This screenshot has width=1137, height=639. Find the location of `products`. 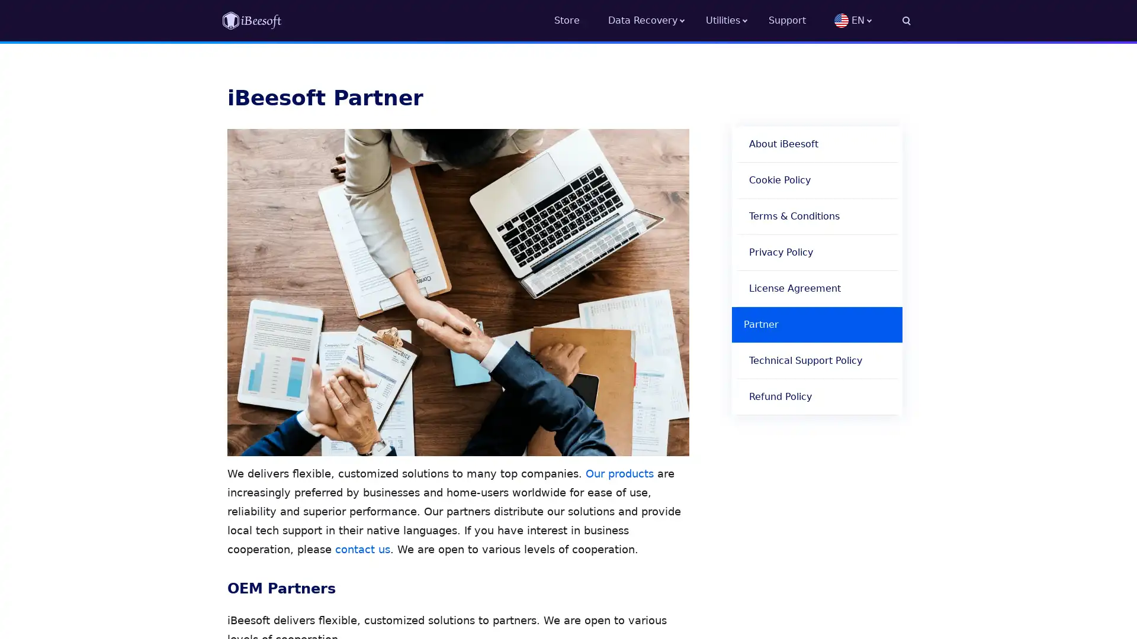

products is located at coordinates (656, 20).